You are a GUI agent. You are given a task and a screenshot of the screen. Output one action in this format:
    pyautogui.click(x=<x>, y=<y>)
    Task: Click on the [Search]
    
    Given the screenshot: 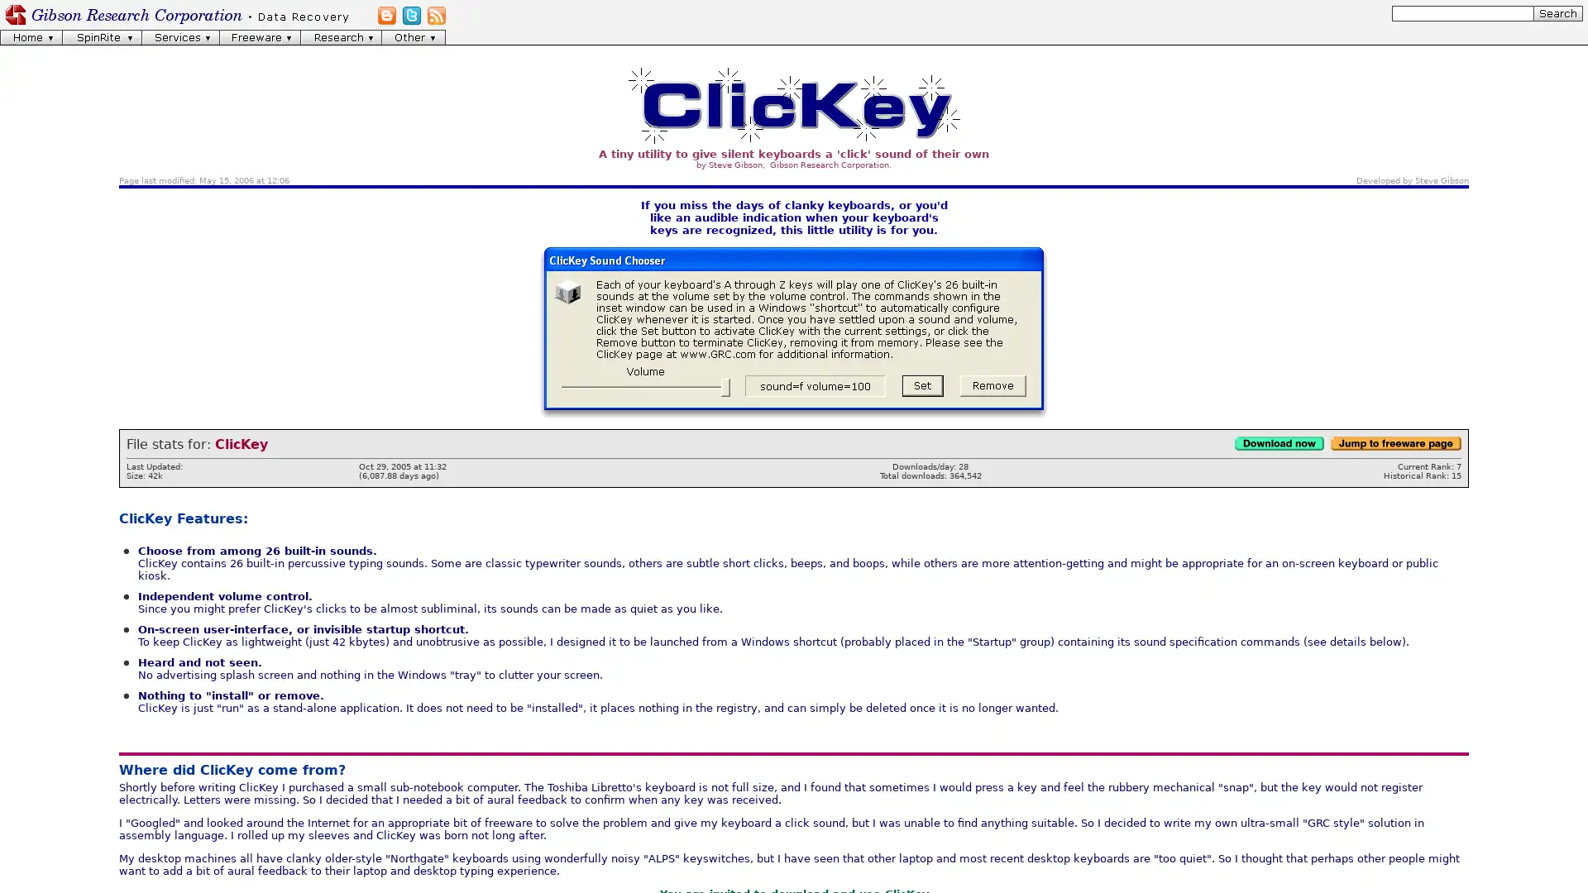 What is the action you would take?
    pyautogui.click(x=1557, y=13)
    